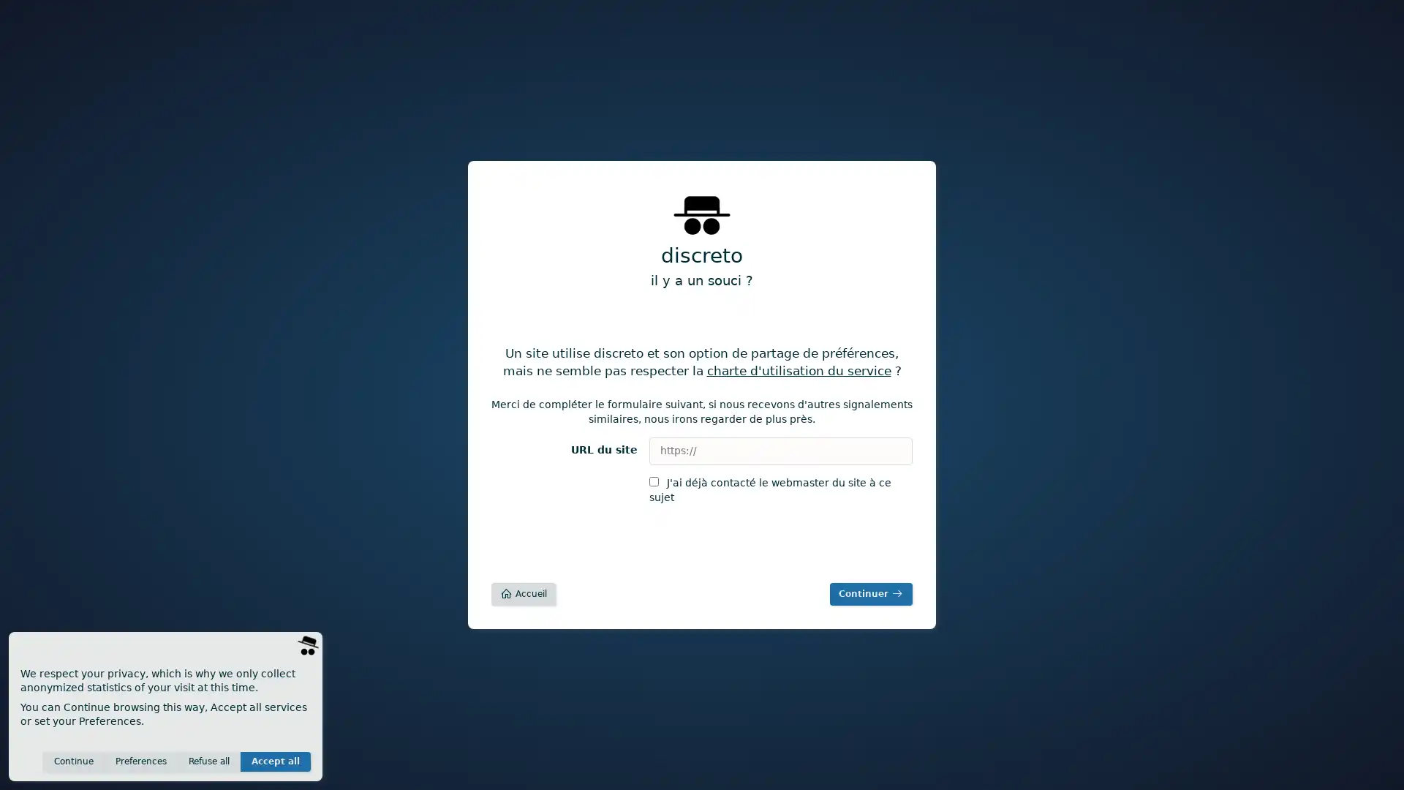 The width and height of the screenshot is (1404, 790). What do you see at coordinates (208, 761) in the screenshot?
I see `Refuse all` at bounding box center [208, 761].